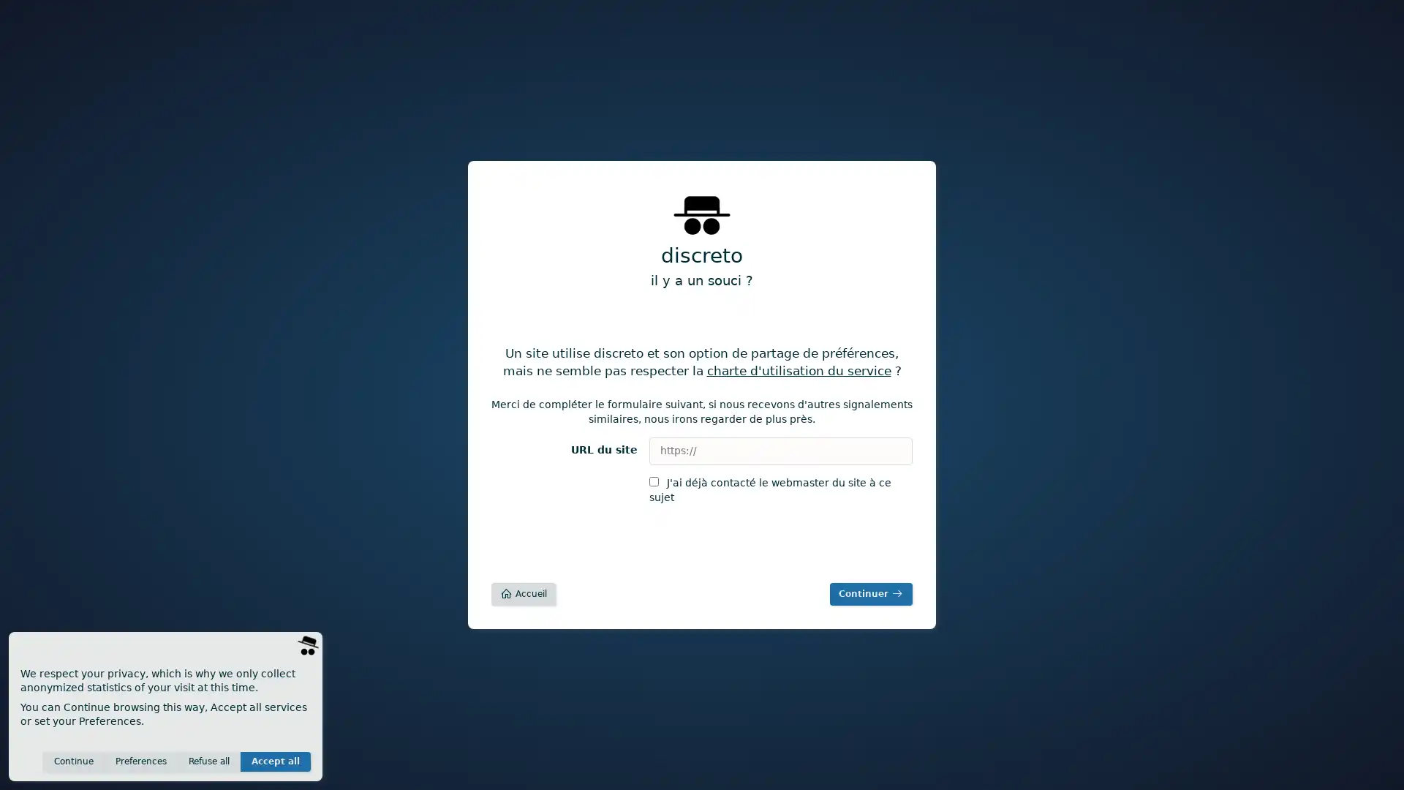 The width and height of the screenshot is (1404, 790). What do you see at coordinates (208, 761) in the screenshot?
I see `Refuse all` at bounding box center [208, 761].